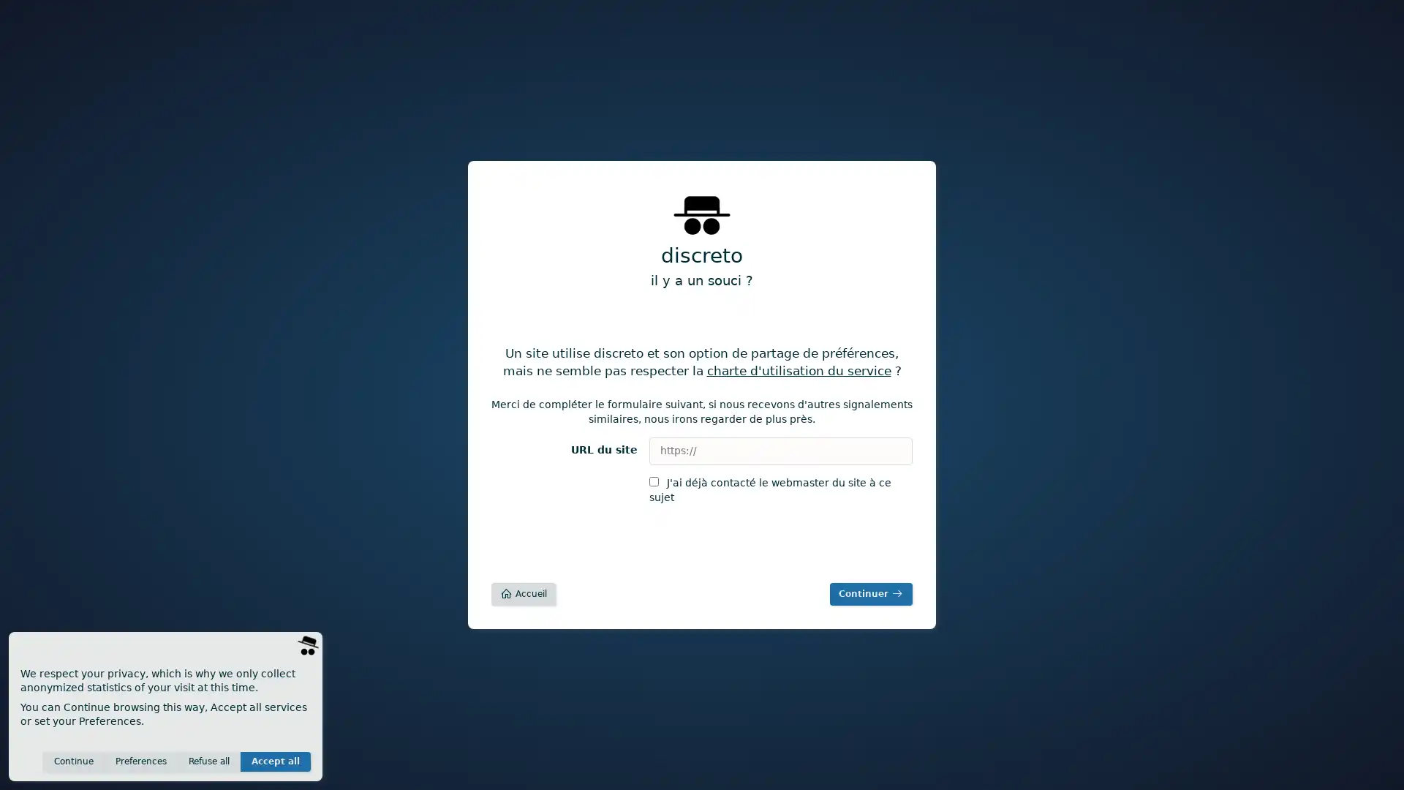 The width and height of the screenshot is (1404, 790). What do you see at coordinates (208, 761) in the screenshot?
I see `Refuse all` at bounding box center [208, 761].